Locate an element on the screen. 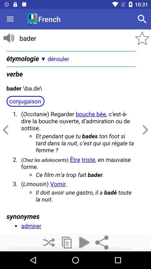 This screenshot has height=269, width=151. go back is located at coordinates (6, 130).